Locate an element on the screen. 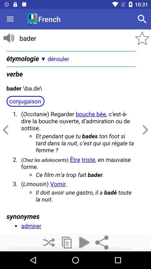 This screenshot has height=269, width=151. go back is located at coordinates (6, 130).